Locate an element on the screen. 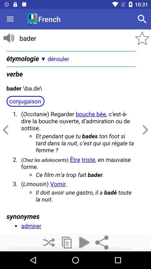 This screenshot has height=269, width=151. go back is located at coordinates (6, 130).